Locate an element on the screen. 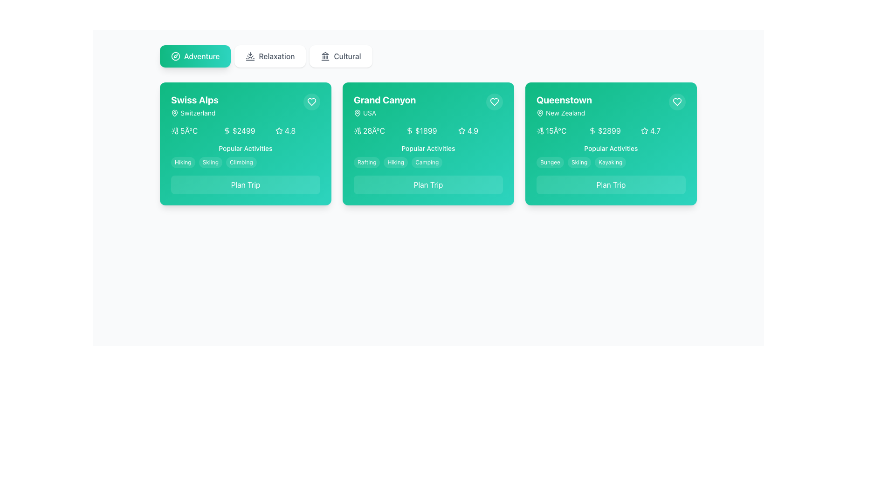 The width and height of the screenshot is (895, 503). text indicating the country location associated with the 'Queenstown' destination card, which is located beneath the 'Queenstown' heading in the rightmost travel card is located at coordinates (565, 113).